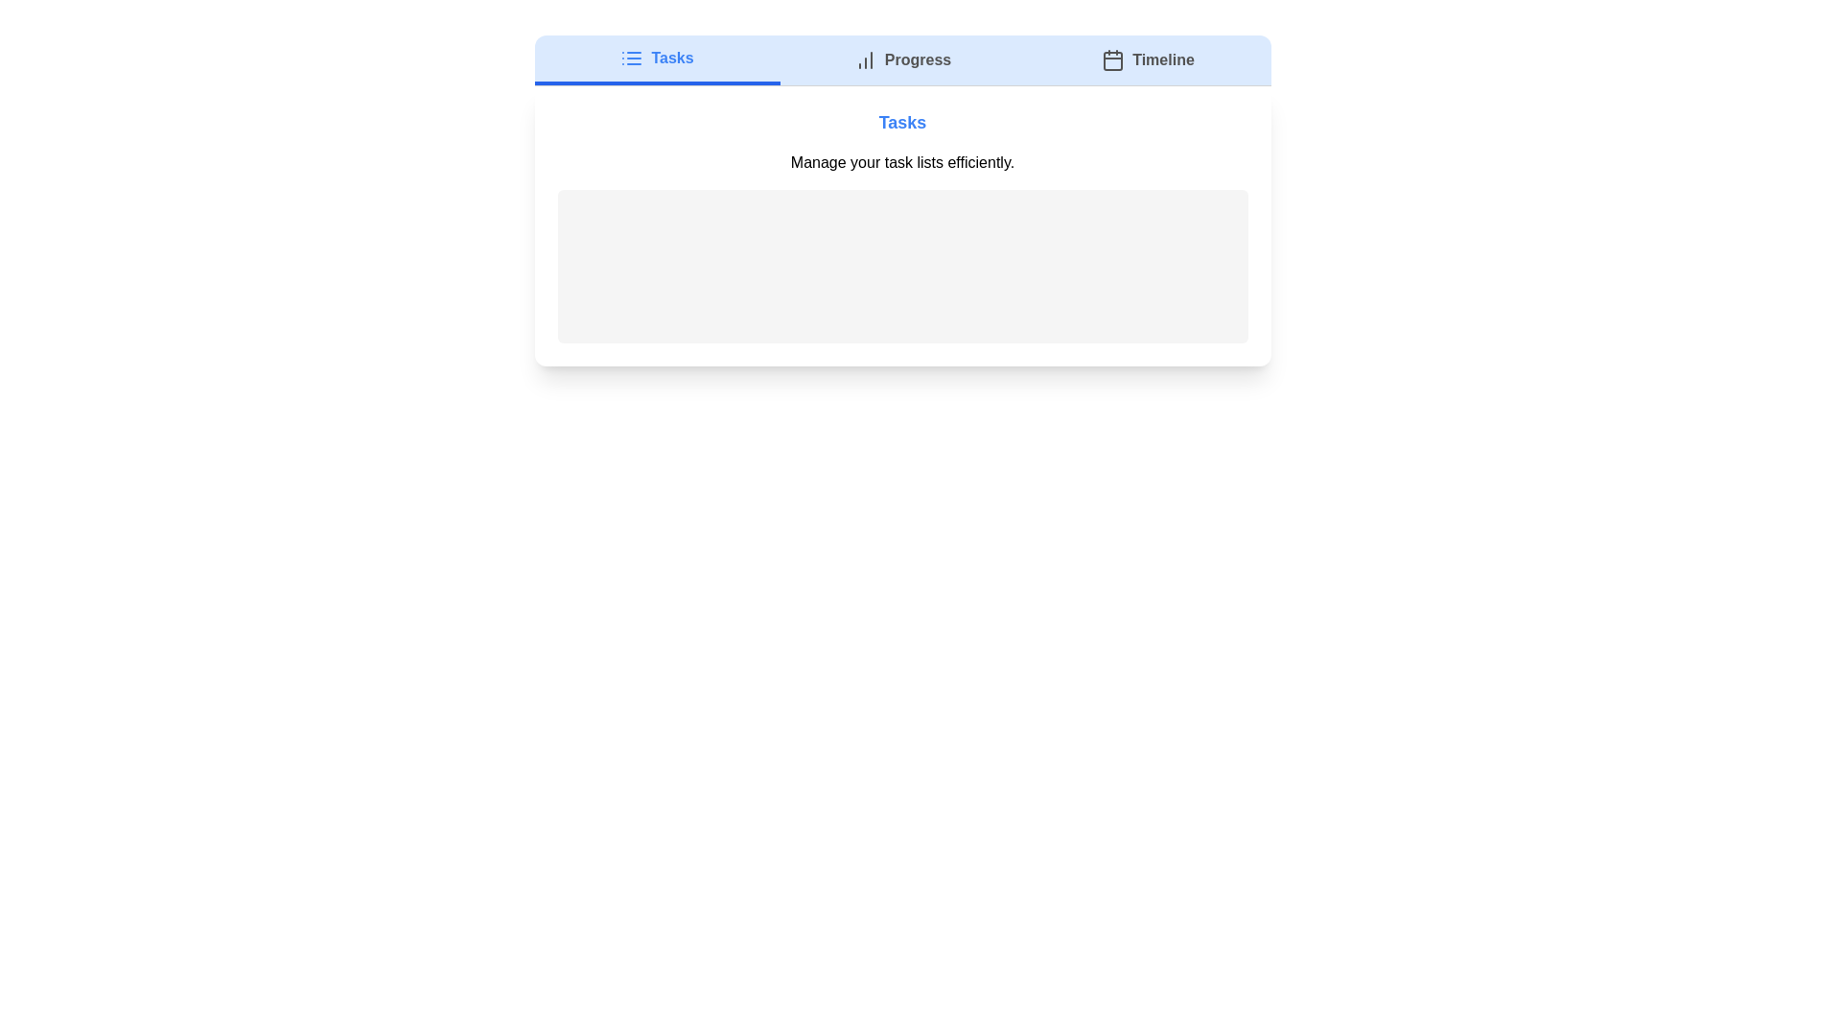 This screenshot has width=1841, height=1036. What do you see at coordinates (1148, 59) in the screenshot?
I see `the Interactive Tab, which is the last tab in the header navigation layout` at bounding box center [1148, 59].